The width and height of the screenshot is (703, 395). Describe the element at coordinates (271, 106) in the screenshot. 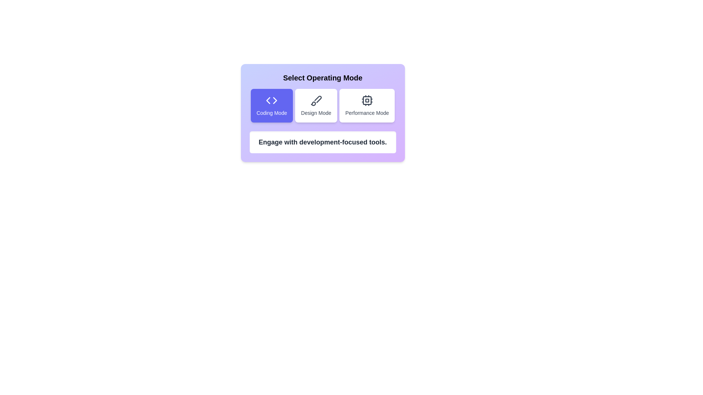

I see `the mode by clicking on the corresponding button. The parameter Coding Mode determines the mode to select` at that location.